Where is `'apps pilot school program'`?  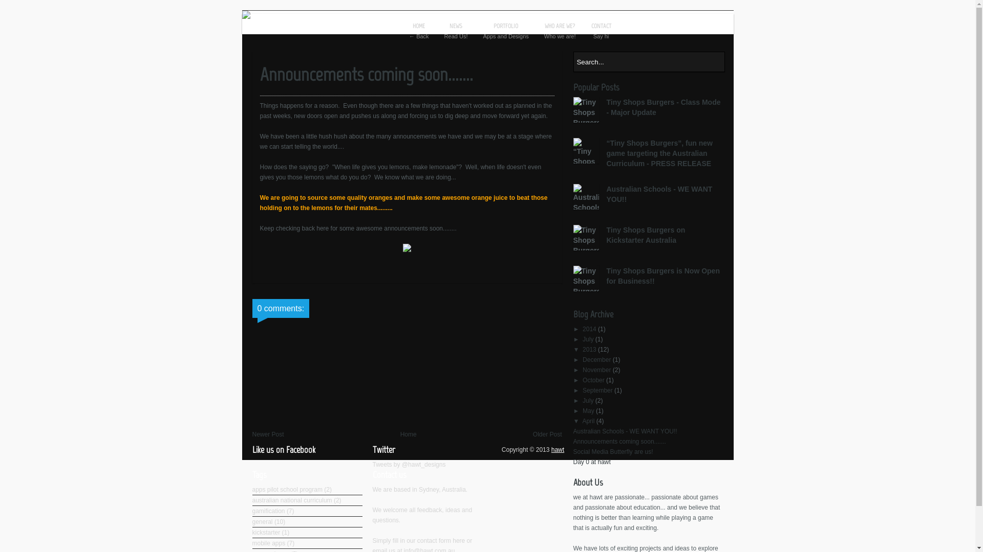
'apps pilot school program' is located at coordinates (287, 489).